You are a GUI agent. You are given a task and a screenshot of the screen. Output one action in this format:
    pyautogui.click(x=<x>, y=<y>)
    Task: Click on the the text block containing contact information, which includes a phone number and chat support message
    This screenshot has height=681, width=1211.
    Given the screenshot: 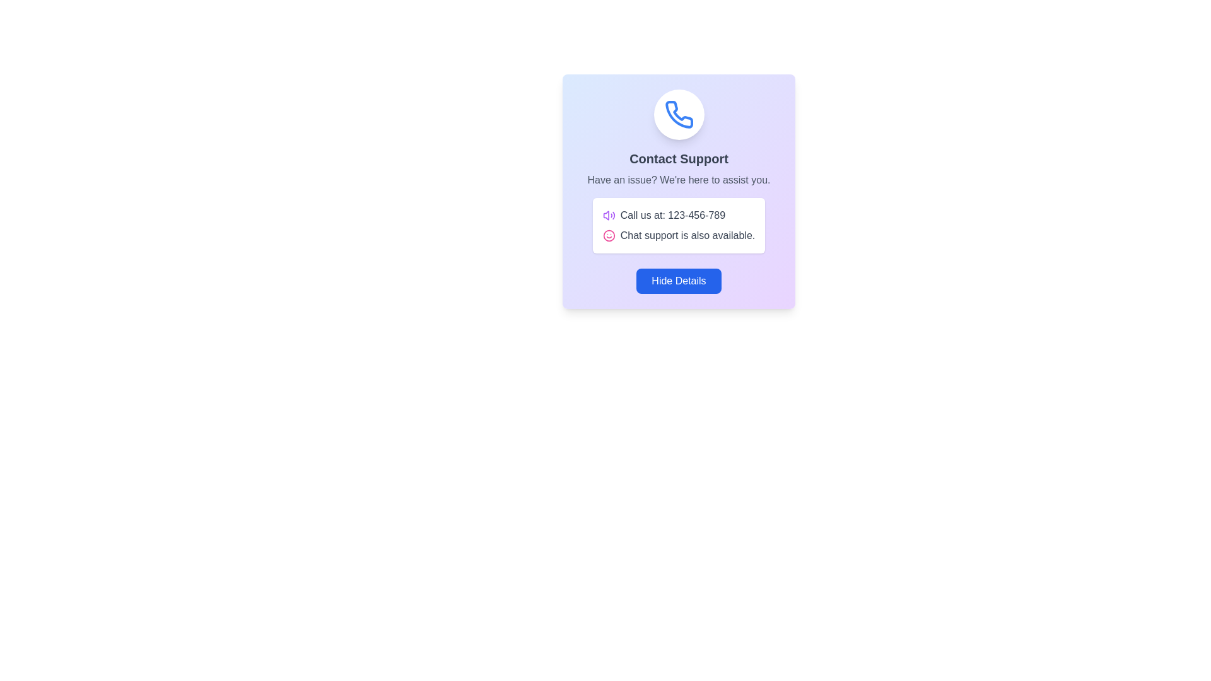 What is the action you would take?
    pyautogui.click(x=678, y=225)
    